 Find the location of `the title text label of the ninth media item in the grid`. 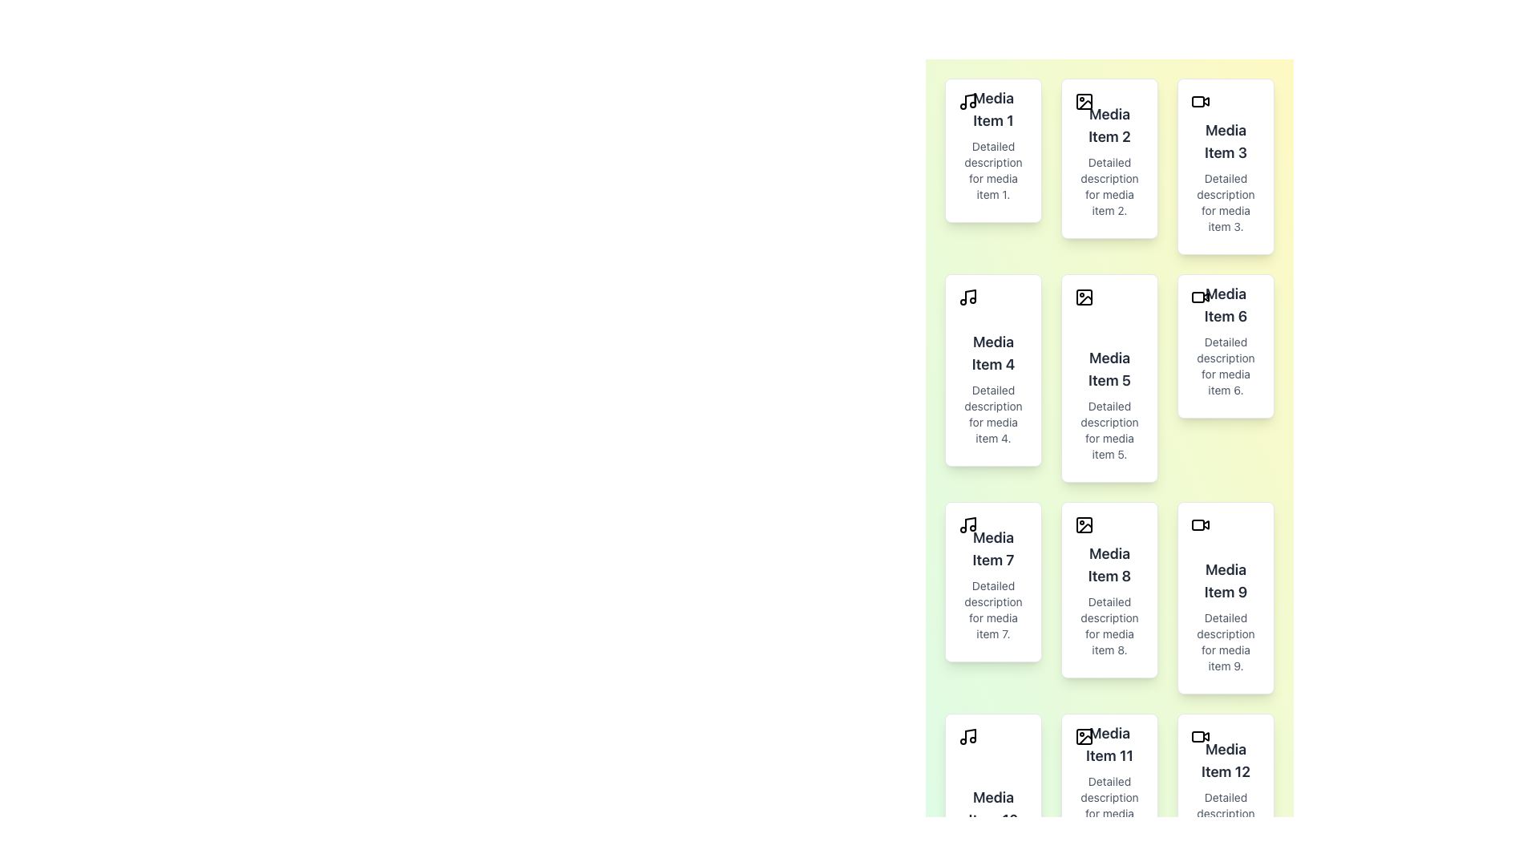

the title text label of the ninth media item in the grid is located at coordinates (1225, 581).